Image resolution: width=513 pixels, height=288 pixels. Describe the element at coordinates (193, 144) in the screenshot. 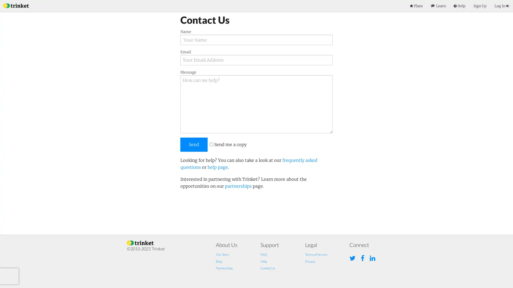

I see `Send` at that location.